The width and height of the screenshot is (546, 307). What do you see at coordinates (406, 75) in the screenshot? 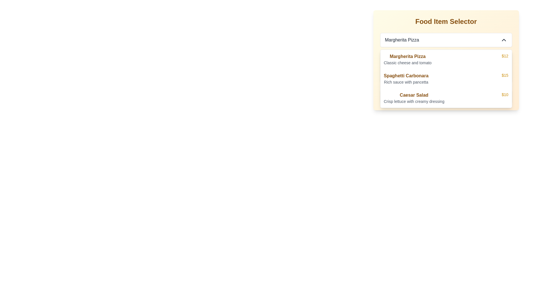
I see `the 'Spaghetti Carbonara' text label` at bounding box center [406, 75].